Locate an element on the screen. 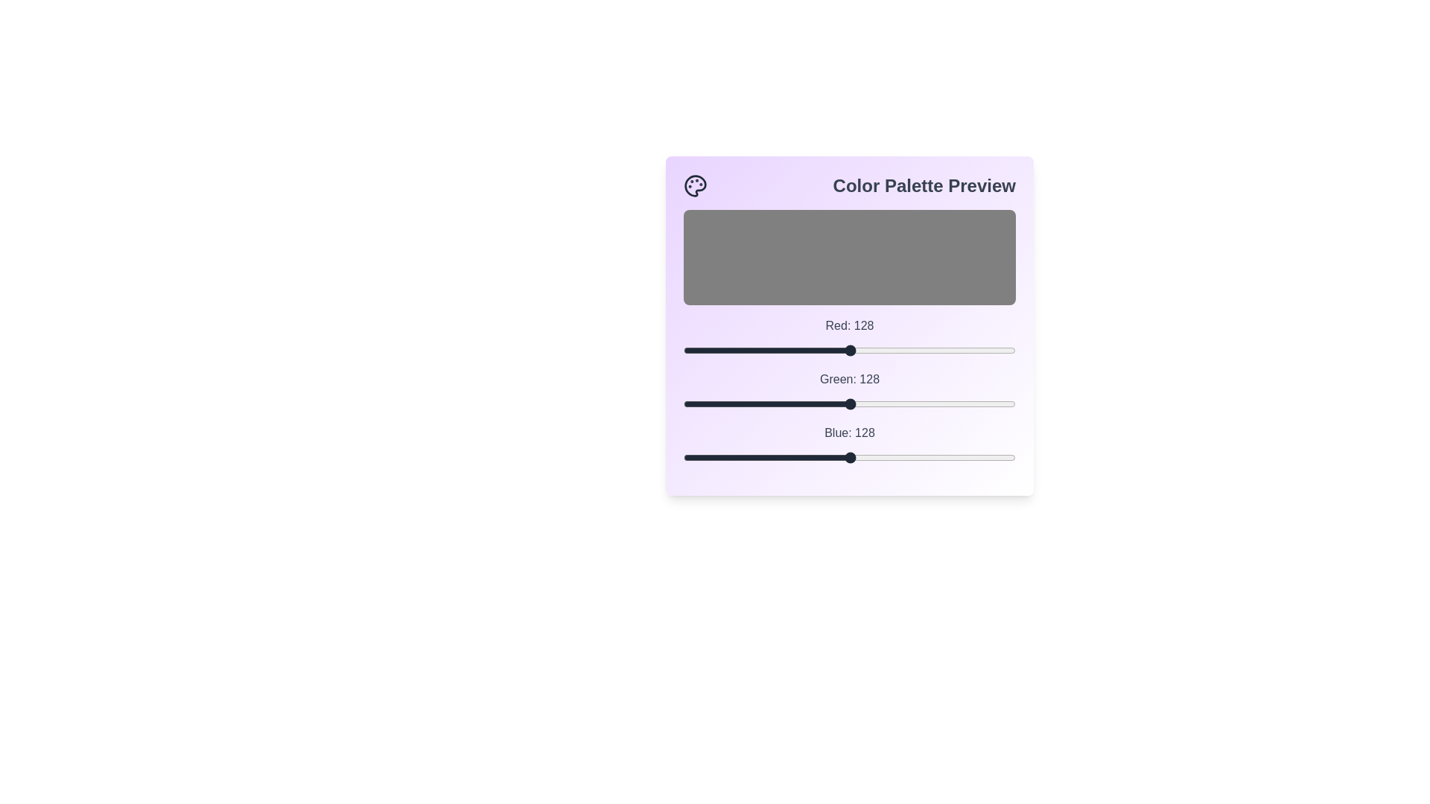  the green color value is located at coordinates (721, 404).